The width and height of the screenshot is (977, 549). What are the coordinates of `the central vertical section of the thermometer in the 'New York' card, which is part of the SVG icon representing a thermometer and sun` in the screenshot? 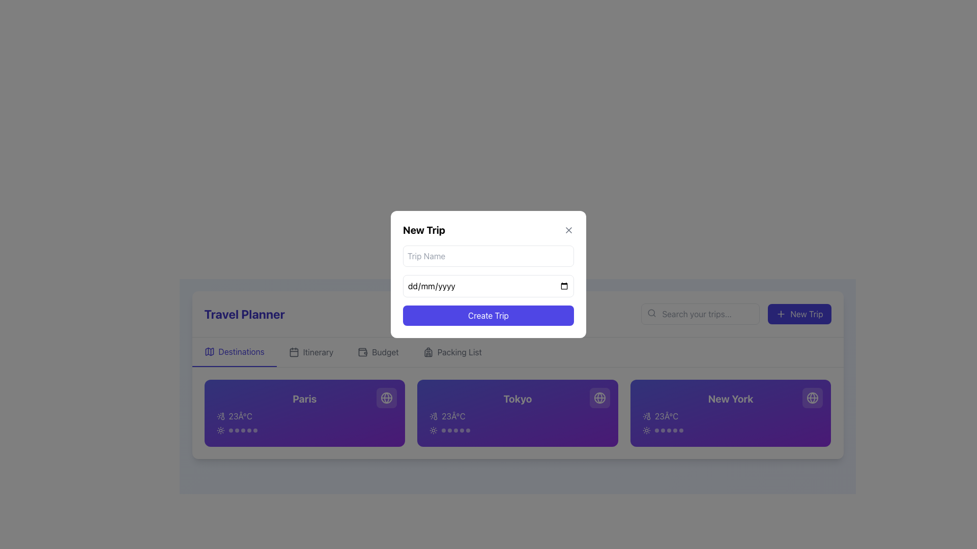 It's located at (648, 416).